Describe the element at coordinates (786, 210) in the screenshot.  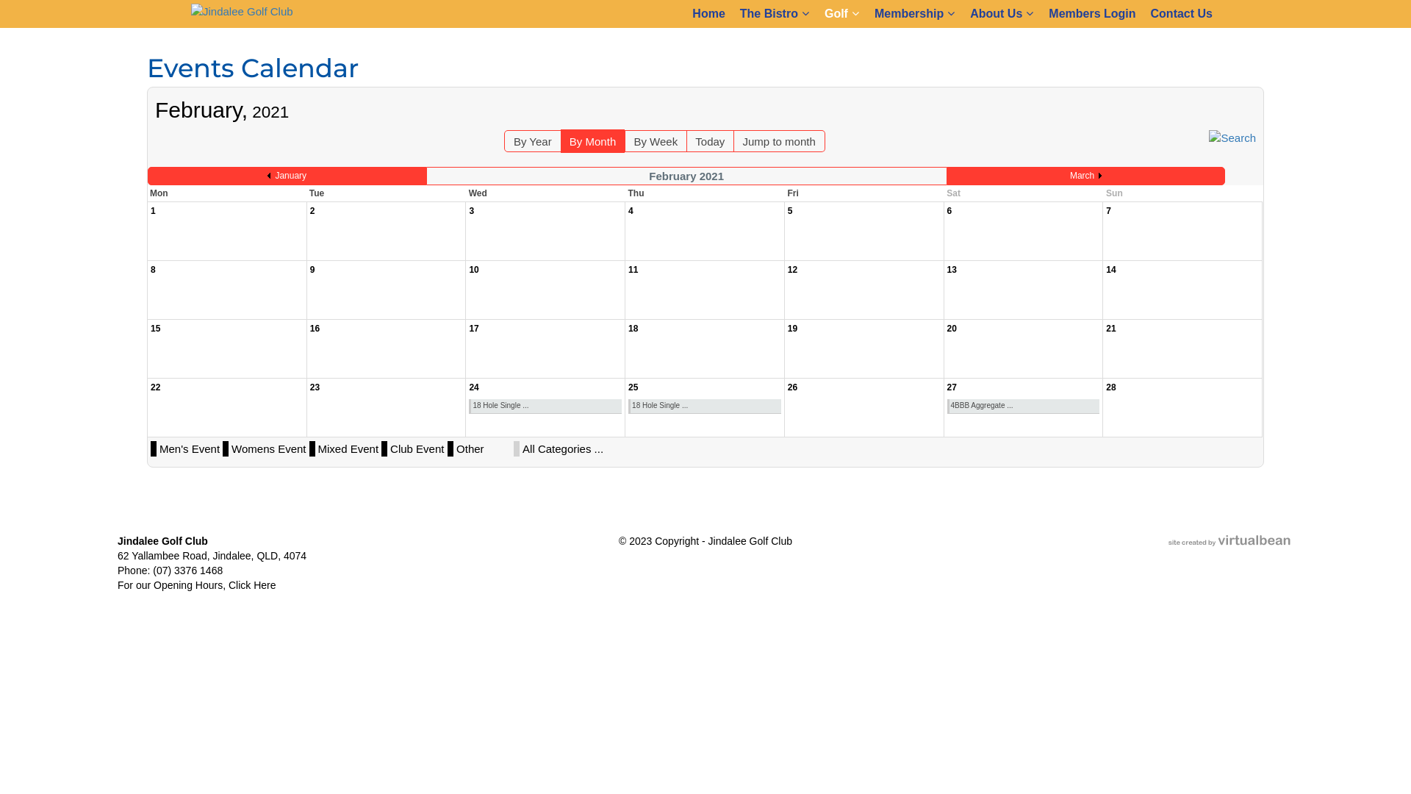
I see `'5'` at that location.